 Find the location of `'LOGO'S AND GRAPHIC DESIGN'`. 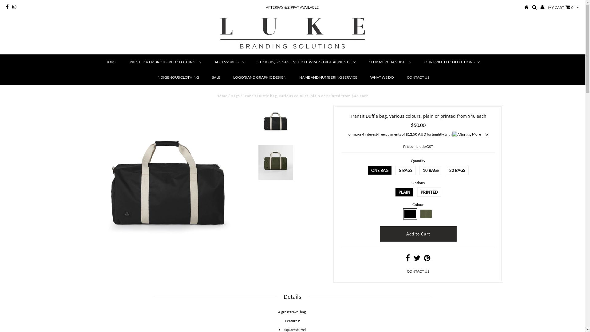

'LOGO'S AND GRAPHIC DESIGN' is located at coordinates (259, 77).